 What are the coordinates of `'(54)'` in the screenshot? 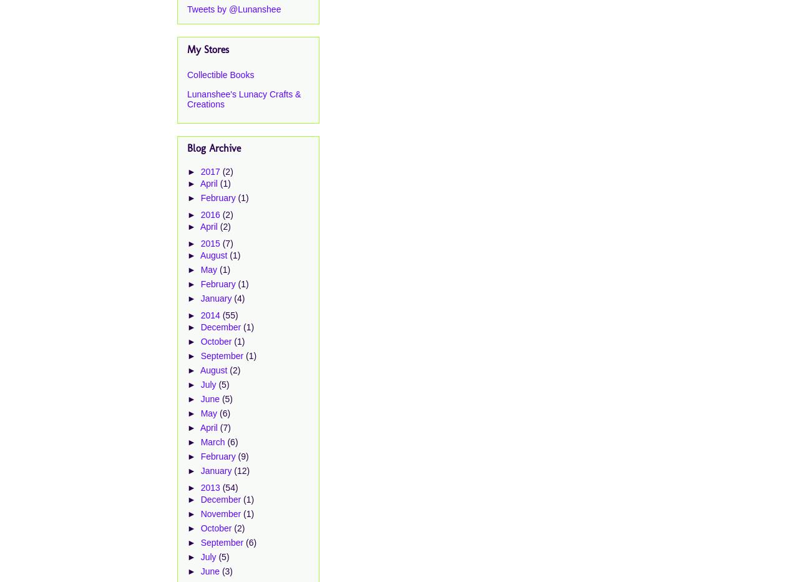 It's located at (229, 486).